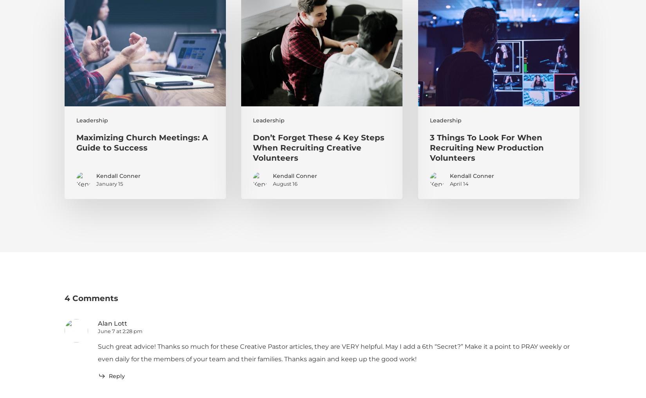 The height and width of the screenshot is (398, 646). Describe the element at coordinates (318, 147) in the screenshot. I see `'Don’t Forget These 4 Key Steps When Recruiting Creative Volunteers'` at that location.